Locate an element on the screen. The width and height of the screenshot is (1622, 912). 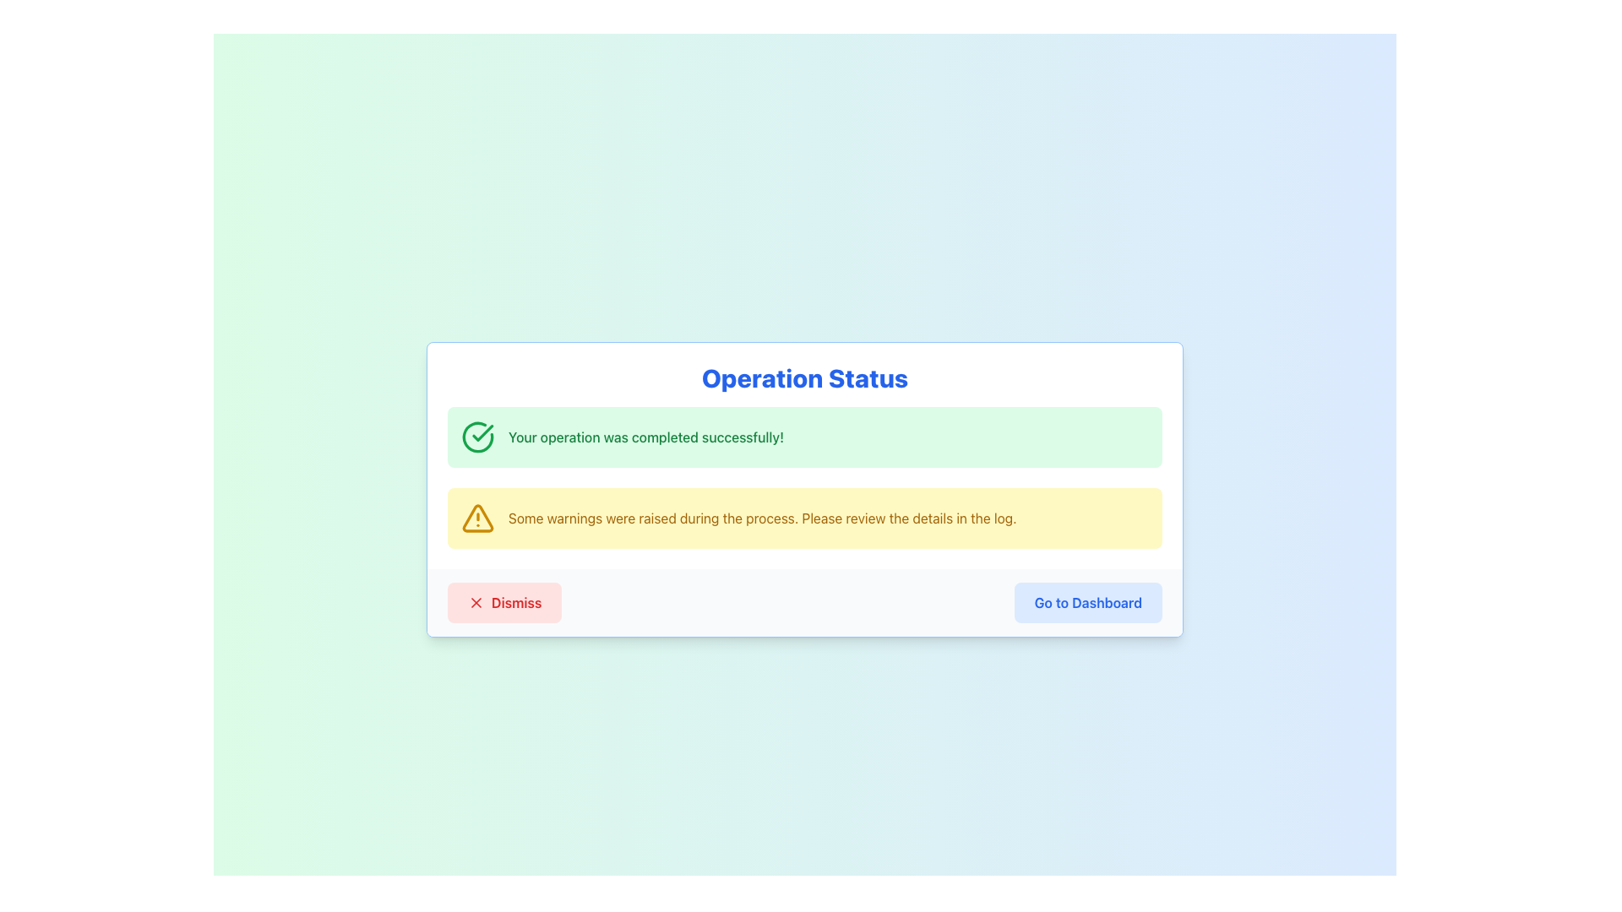
the success completion icon located at the leftmost side of the green notification banner at the top of the message group is located at coordinates (477, 436).